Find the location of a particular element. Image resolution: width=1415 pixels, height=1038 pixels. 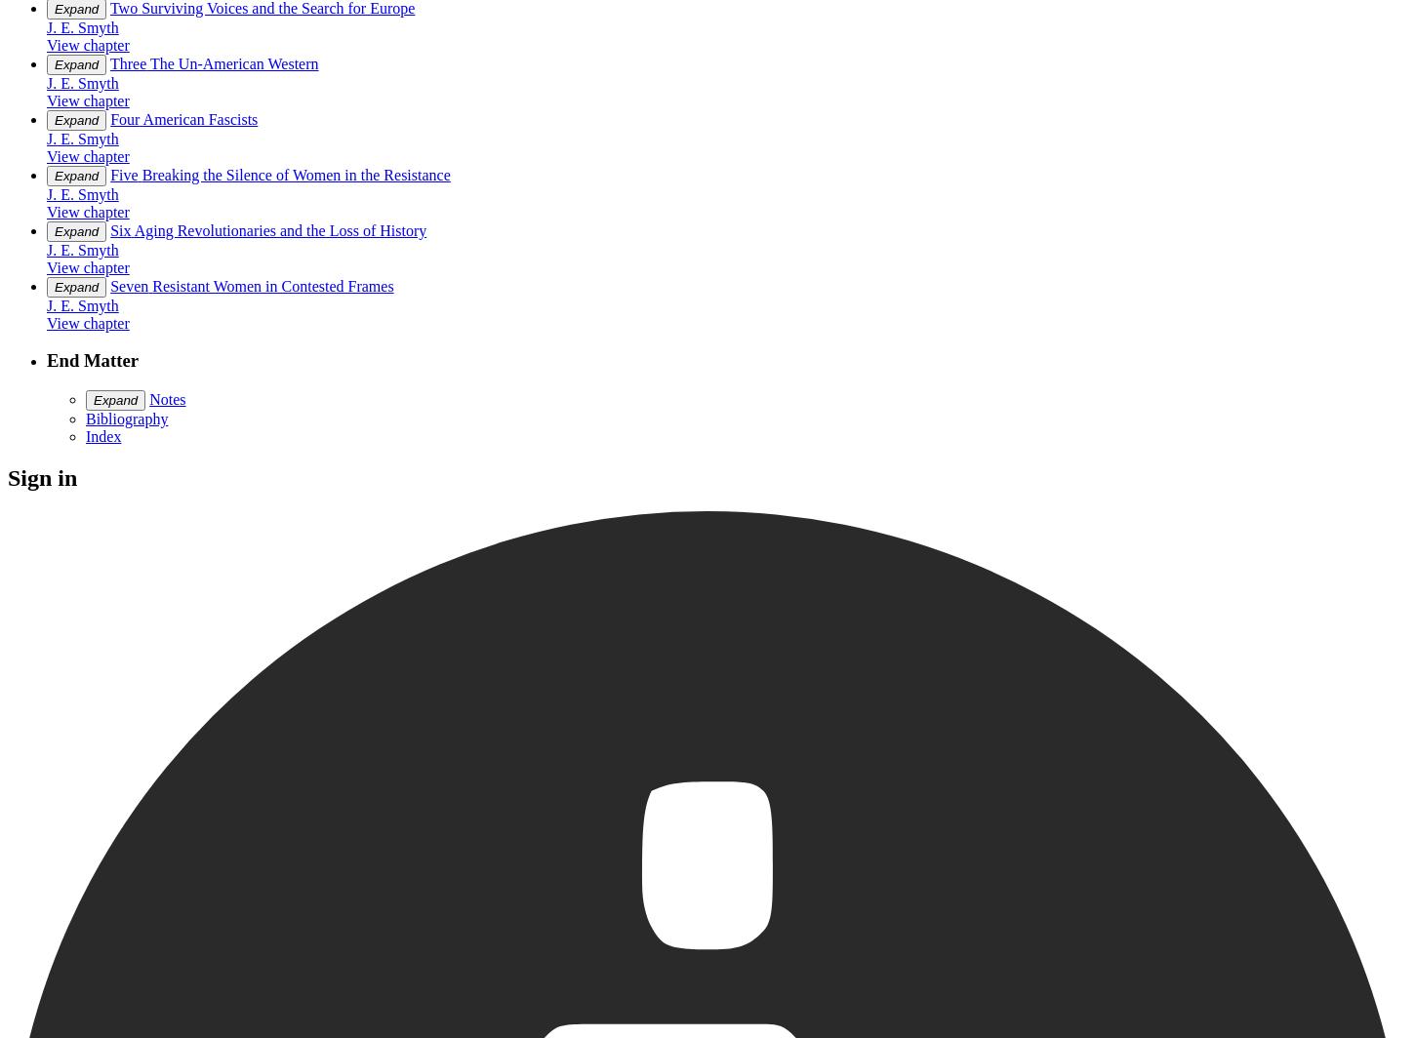

'Resistant Women in Contested Frames' is located at coordinates (272, 285).